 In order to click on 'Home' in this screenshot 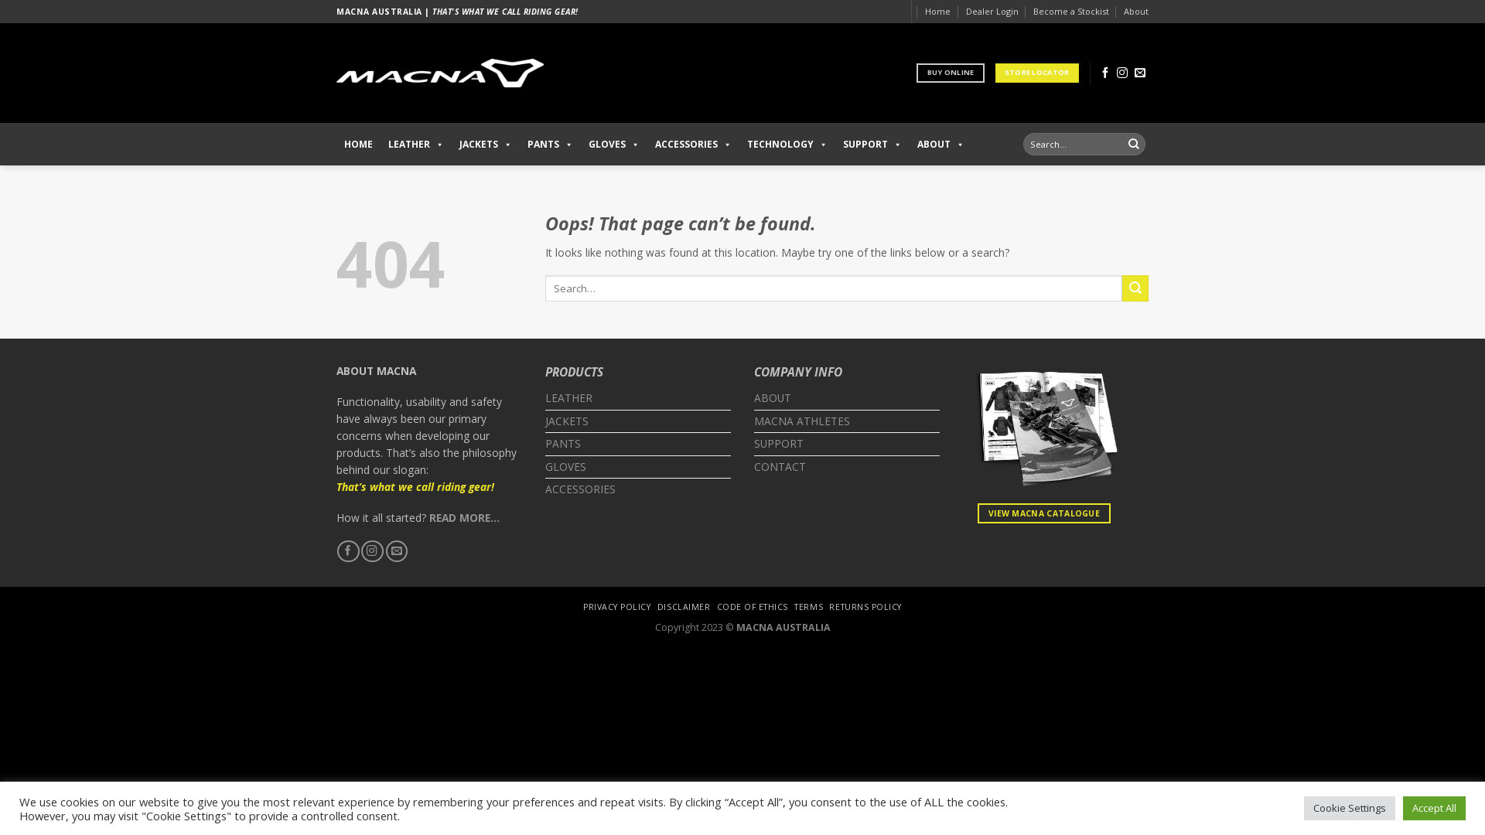, I will do `click(937, 11)`.